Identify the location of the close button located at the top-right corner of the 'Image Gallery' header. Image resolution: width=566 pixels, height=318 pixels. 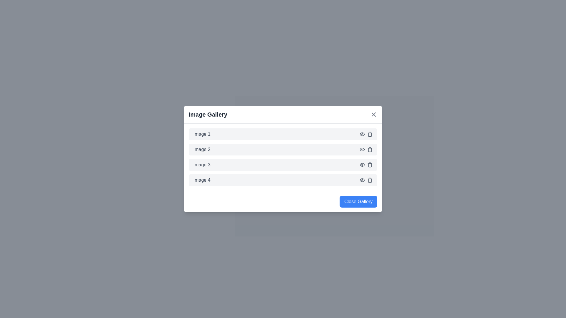
(373, 115).